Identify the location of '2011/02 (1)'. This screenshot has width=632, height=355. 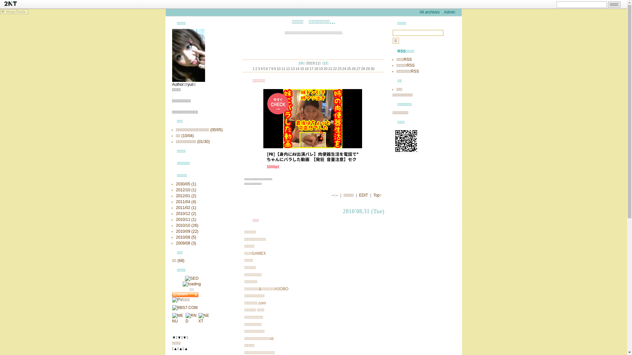
(185, 208).